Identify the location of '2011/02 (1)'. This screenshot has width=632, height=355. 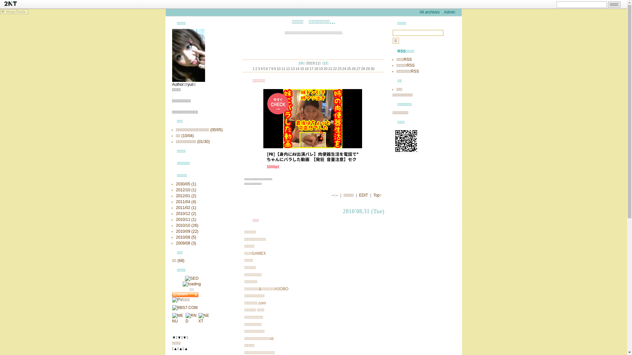
(185, 208).